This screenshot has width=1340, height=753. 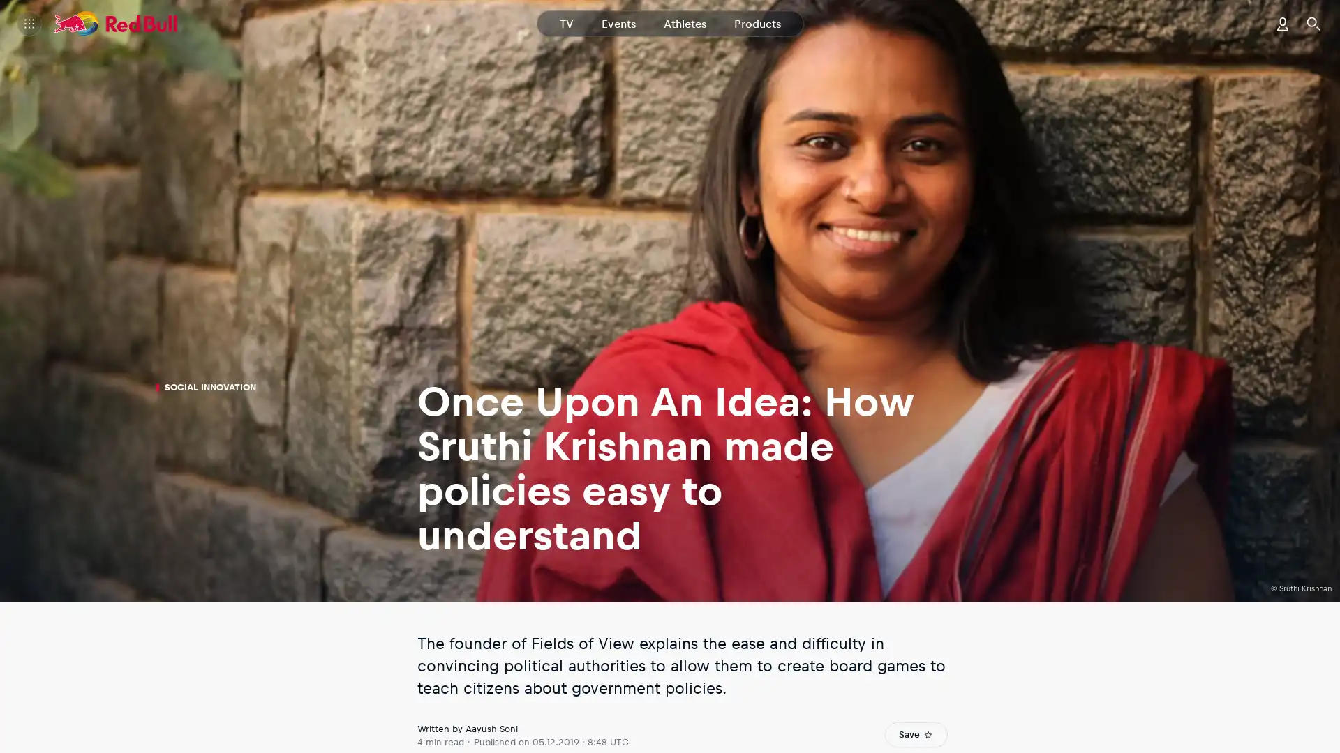 I want to click on Accept All Cookies, so click(x=790, y=233).